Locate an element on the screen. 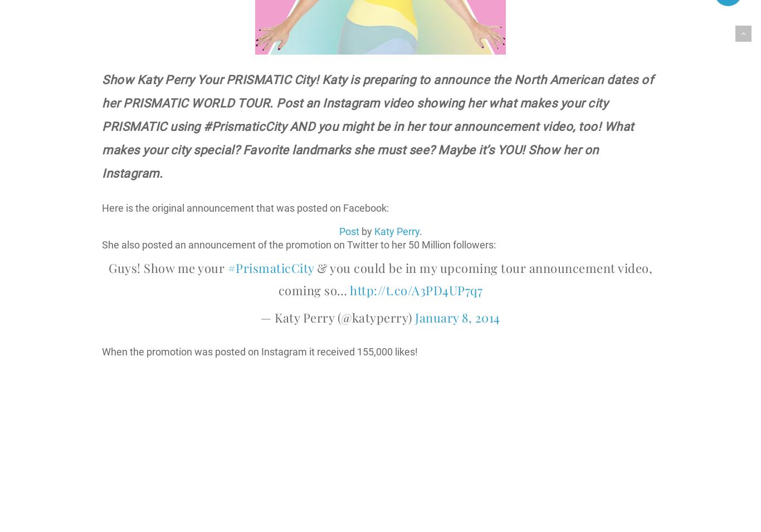 The width and height of the screenshot is (761, 532). '& you could be in my upcoming tour announcement video, coming so…' is located at coordinates (465, 279).